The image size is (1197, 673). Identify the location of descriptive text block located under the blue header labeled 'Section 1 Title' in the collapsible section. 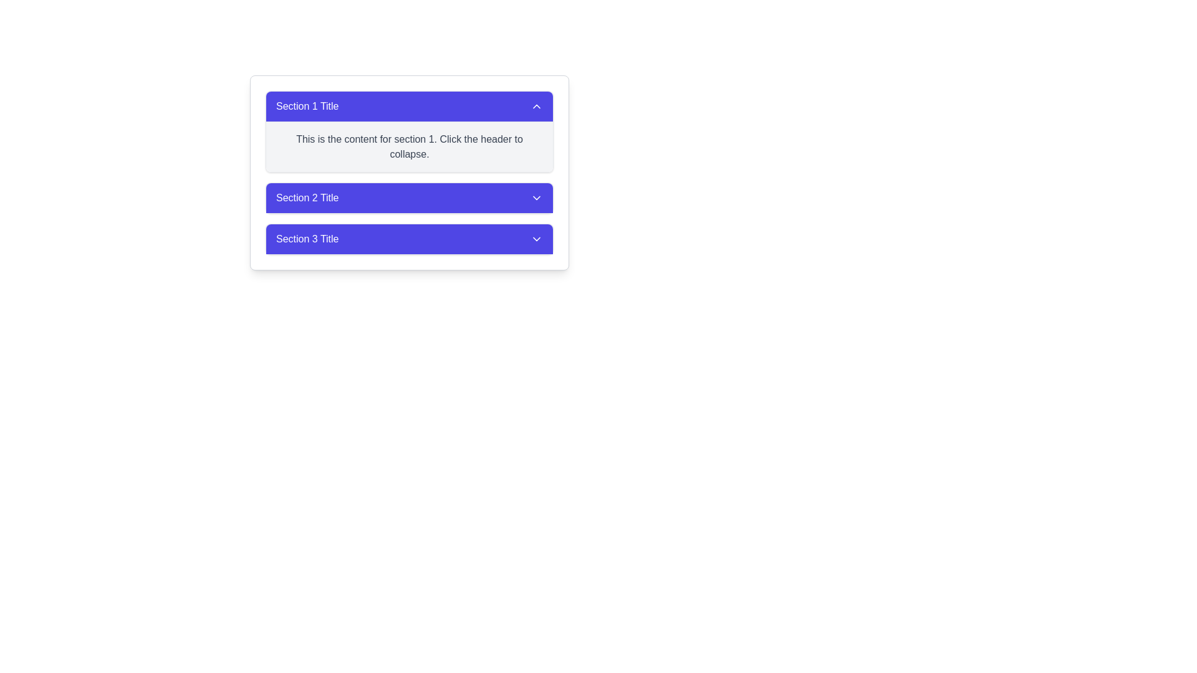
(410, 146).